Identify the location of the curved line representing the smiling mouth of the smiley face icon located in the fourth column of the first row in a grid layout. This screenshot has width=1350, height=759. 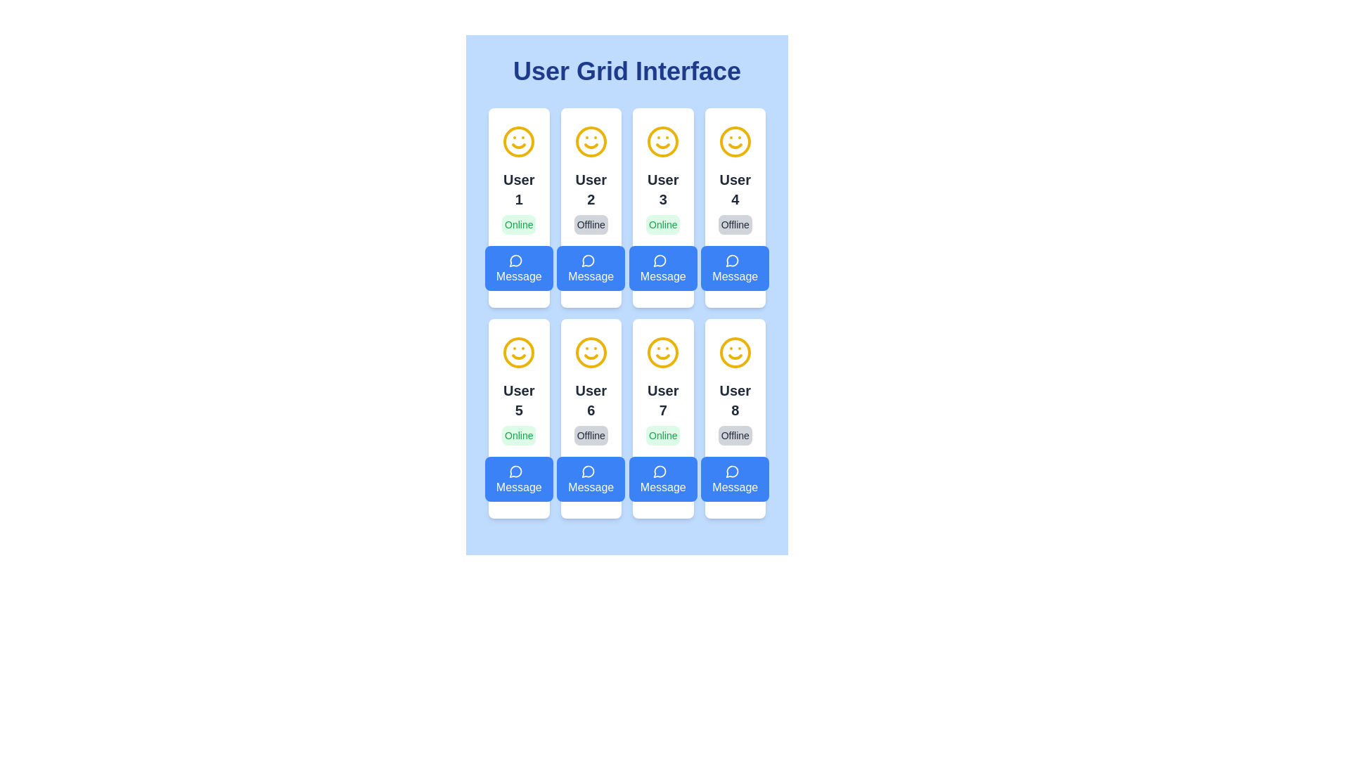
(734, 146).